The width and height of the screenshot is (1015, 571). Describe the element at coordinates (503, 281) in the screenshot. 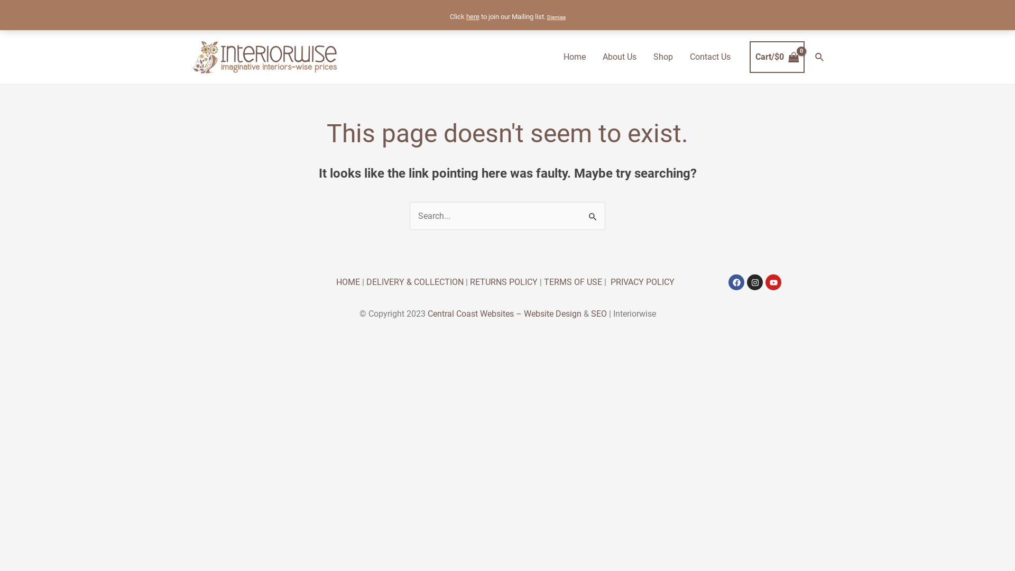

I see `'RETURNS POLICY'` at that location.